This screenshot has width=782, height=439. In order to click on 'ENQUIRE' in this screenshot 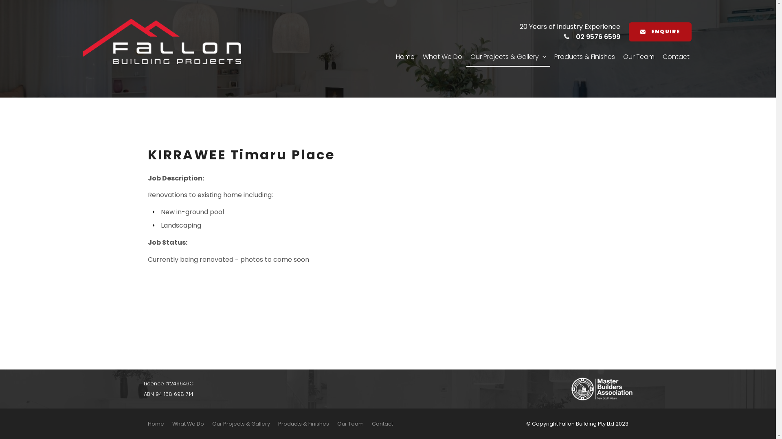, I will do `click(660, 31)`.